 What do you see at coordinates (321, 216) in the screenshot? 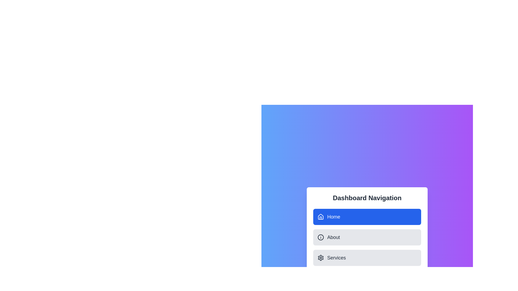
I see `the house icon located within the blue-highlighted 'Home' navigation option` at bounding box center [321, 216].